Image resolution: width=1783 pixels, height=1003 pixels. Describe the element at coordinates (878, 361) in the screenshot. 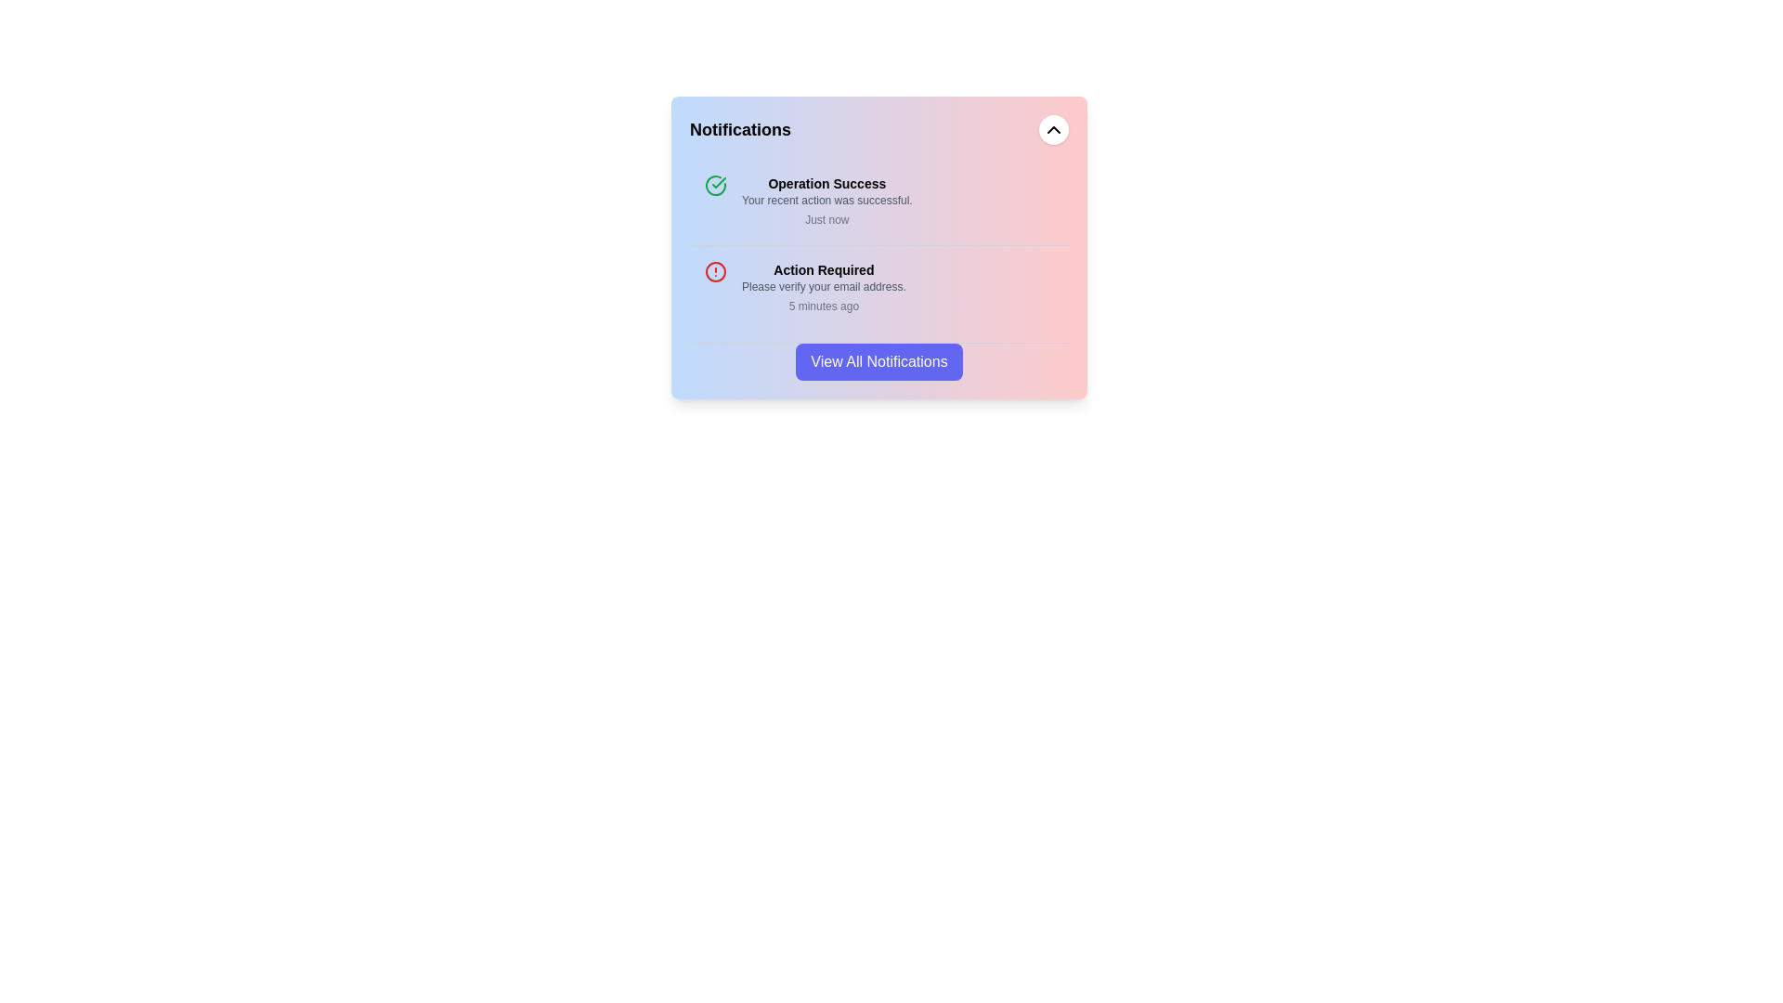

I see `the button located at the bottom center of the notification panel` at that location.